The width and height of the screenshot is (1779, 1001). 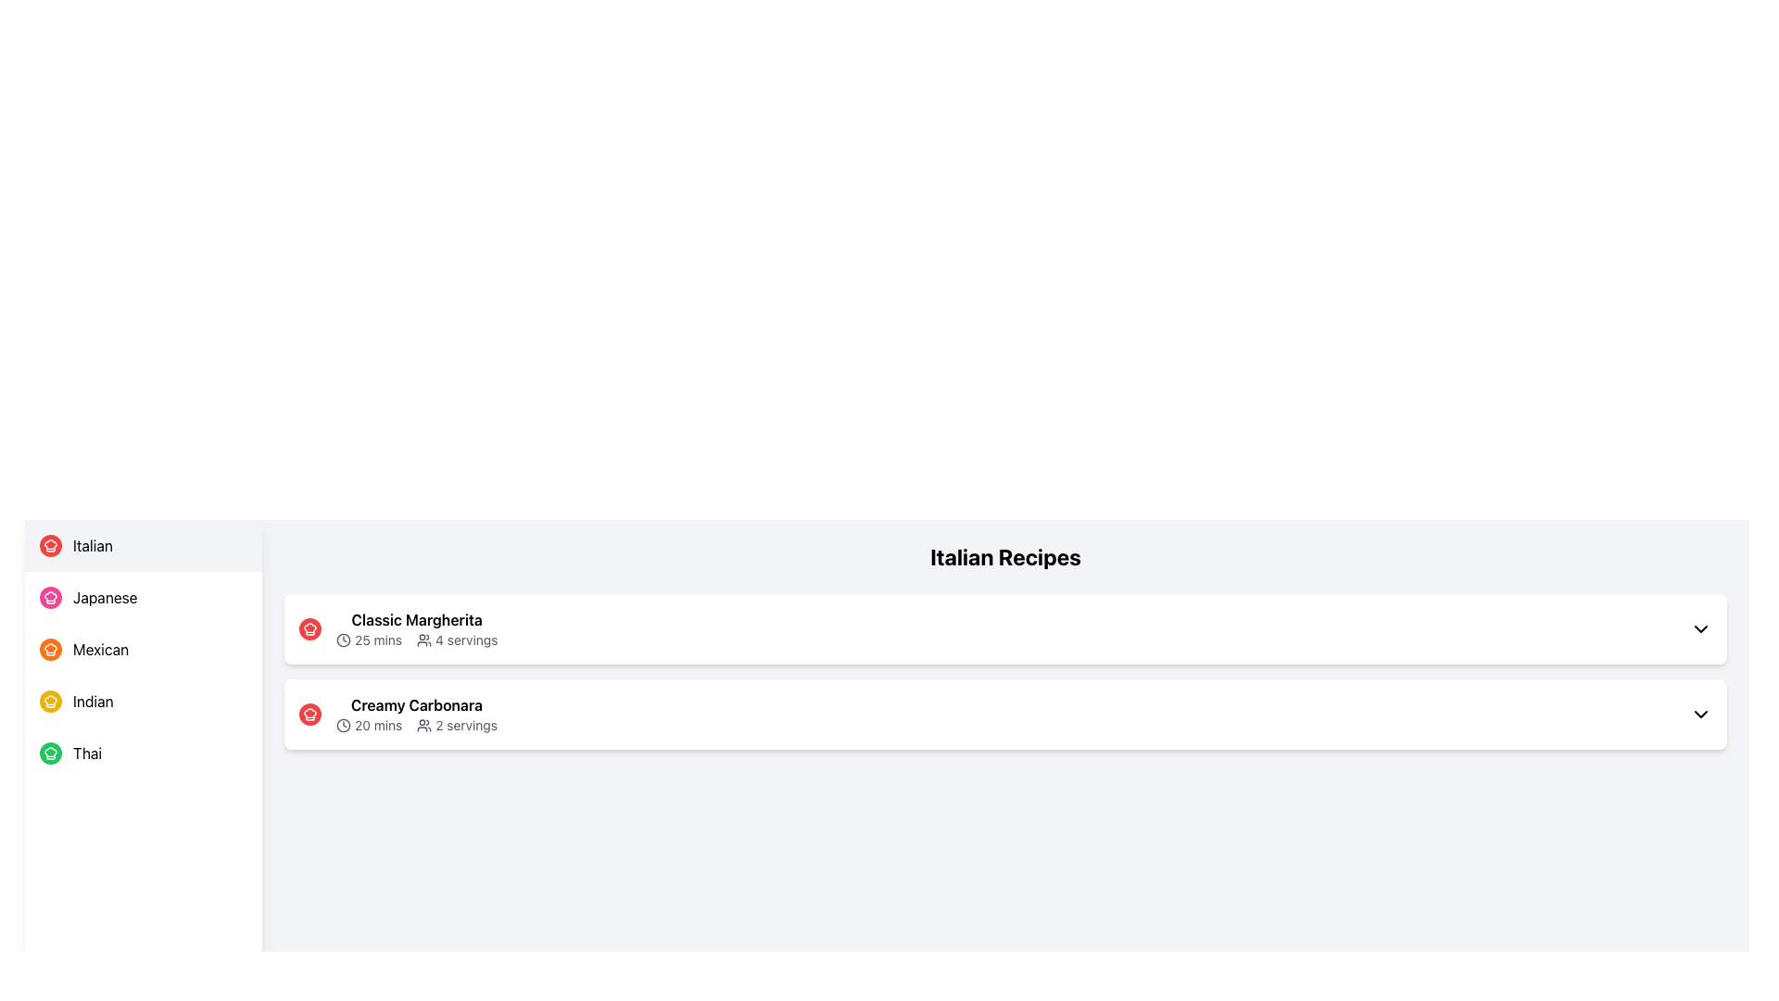 What do you see at coordinates (423, 725) in the screenshot?
I see `the SVG icon representing two user figures located to the left of the text '2 servings' in the second recipe entry titled 'Creamy Carbonara' under the 'Italian Recipes' section` at bounding box center [423, 725].